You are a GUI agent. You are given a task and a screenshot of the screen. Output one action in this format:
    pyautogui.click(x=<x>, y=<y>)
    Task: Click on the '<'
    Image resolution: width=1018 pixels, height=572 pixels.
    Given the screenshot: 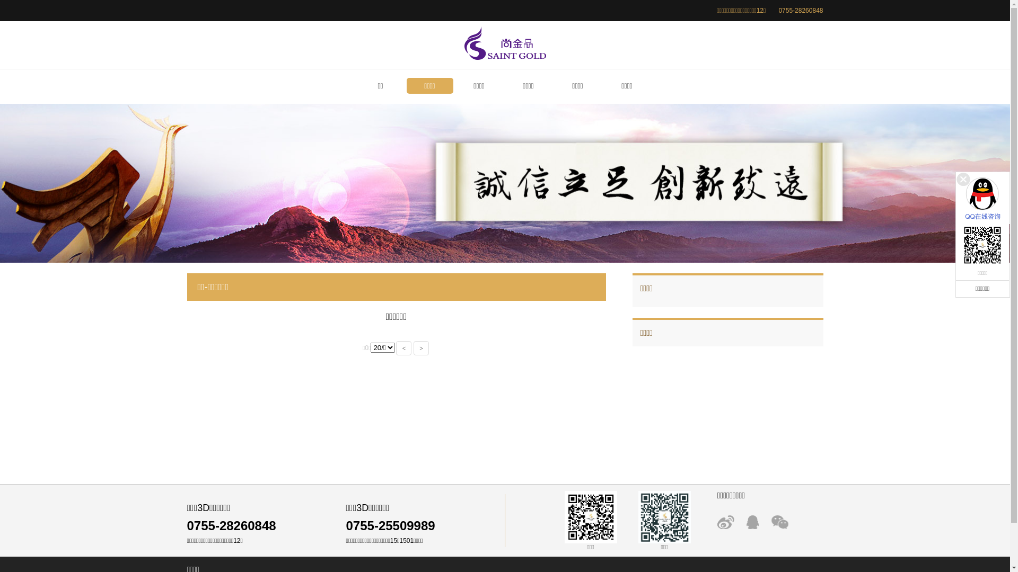 What is the action you would take?
    pyautogui.click(x=403, y=348)
    